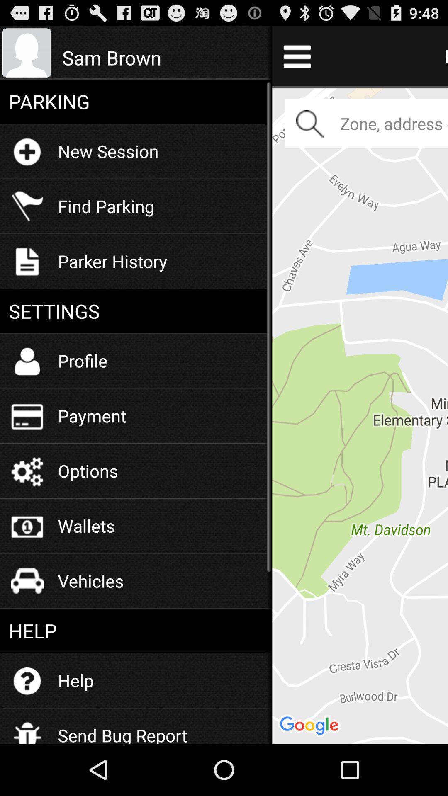  What do you see at coordinates (136, 311) in the screenshot?
I see `settings icon` at bounding box center [136, 311].